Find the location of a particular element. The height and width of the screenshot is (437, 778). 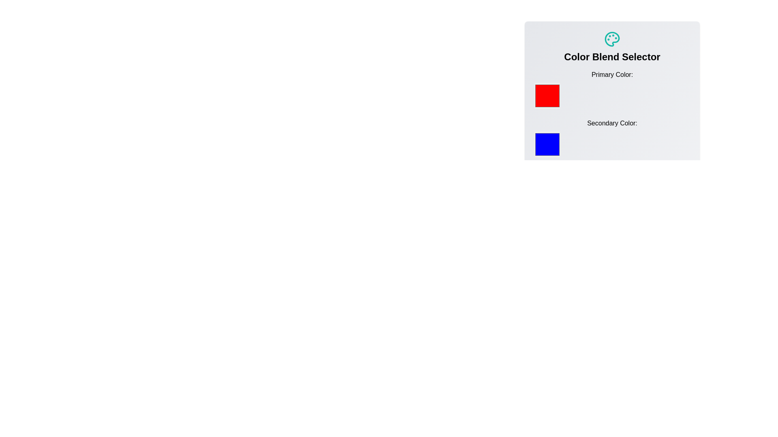

the label that identifies the purpose of the blue color box as 'Secondary Color', which is positioned below the 'Primary Color:' label in the 'Color Blend Selector' panel is located at coordinates (612, 123).